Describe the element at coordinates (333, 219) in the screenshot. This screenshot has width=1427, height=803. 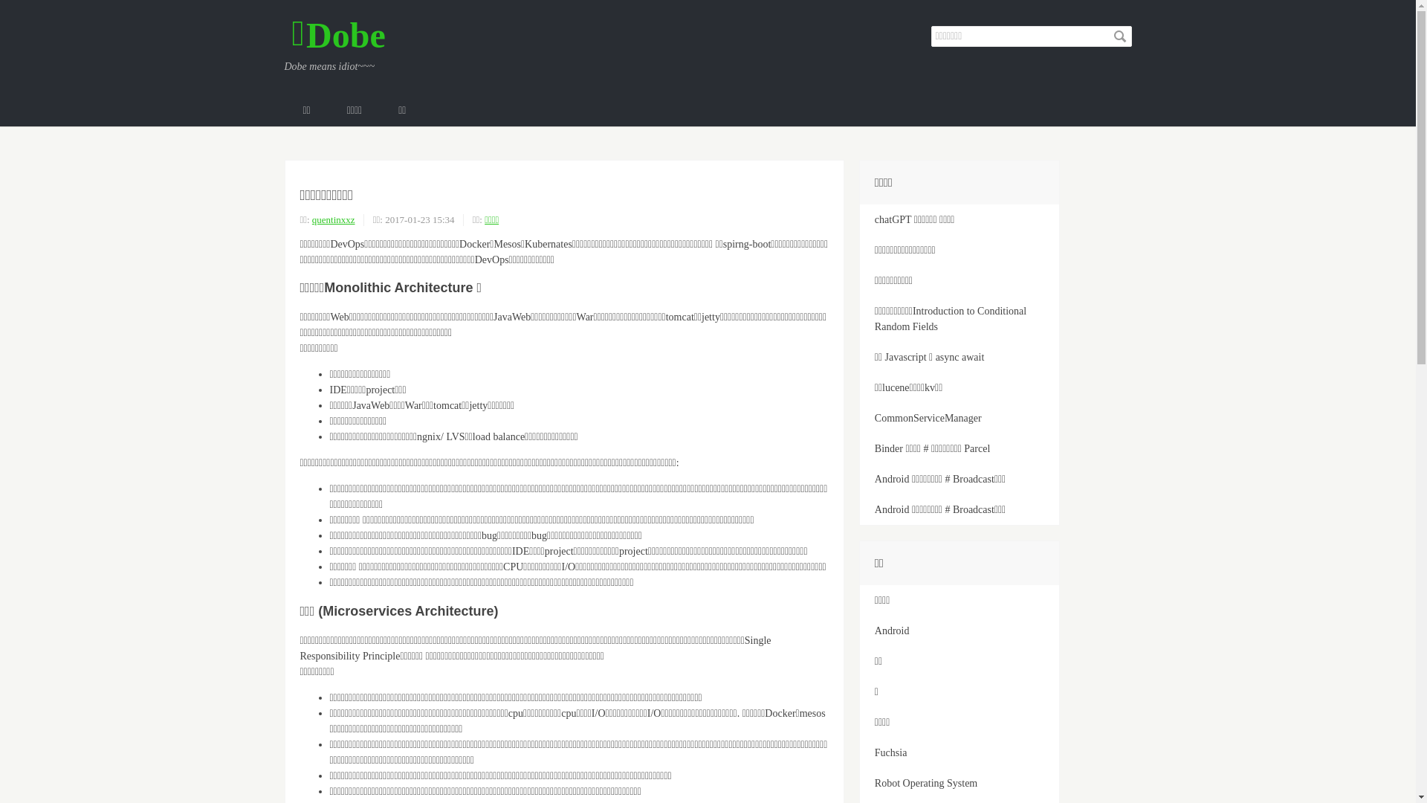
I see `'quentinxxz'` at that location.